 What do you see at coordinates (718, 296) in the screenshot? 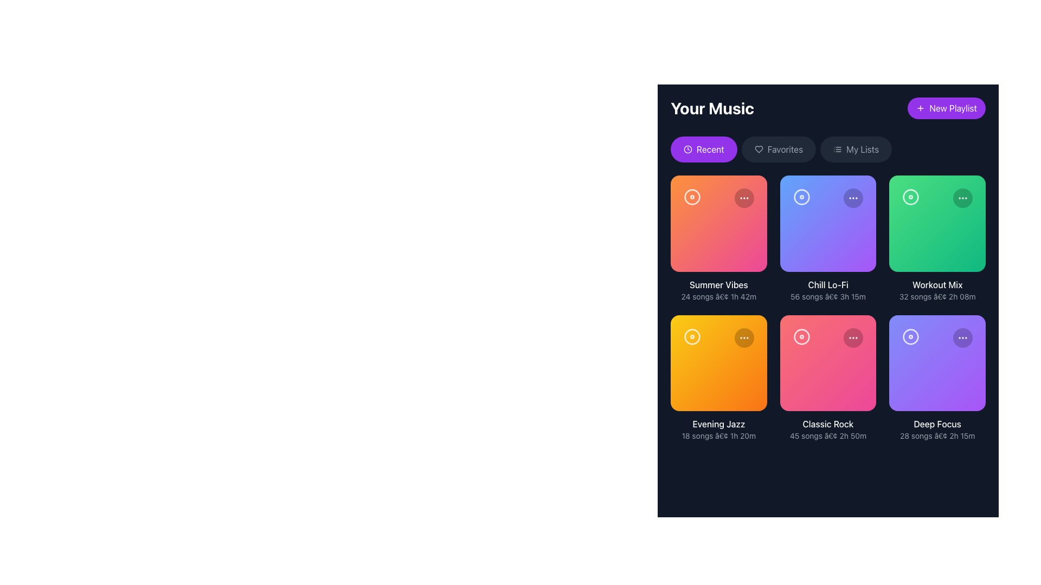
I see `the static text label displaying '24 songs • 1h 42m' located directly beneath the title 'Summer Vibes' in the playlist card` at bounding box center [718, 296].